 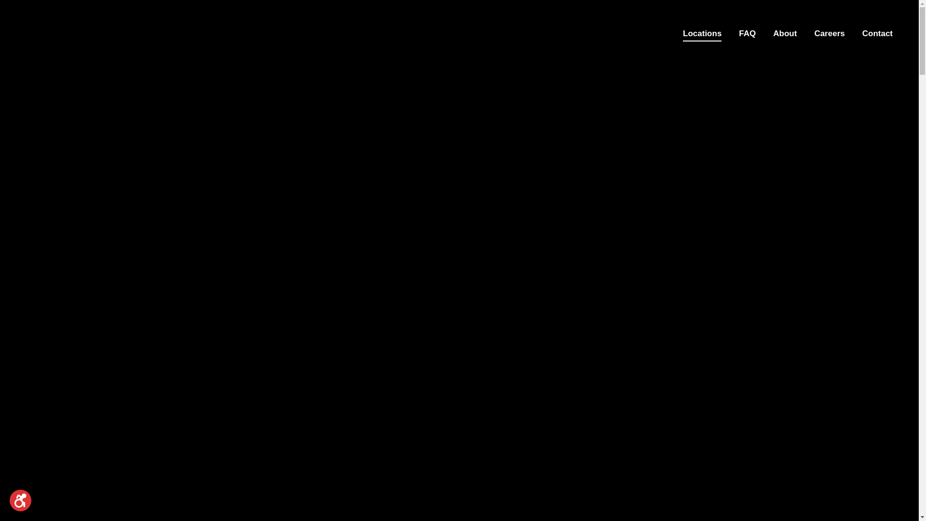 I want to click on 'Careers', so click(x=812, y=33).